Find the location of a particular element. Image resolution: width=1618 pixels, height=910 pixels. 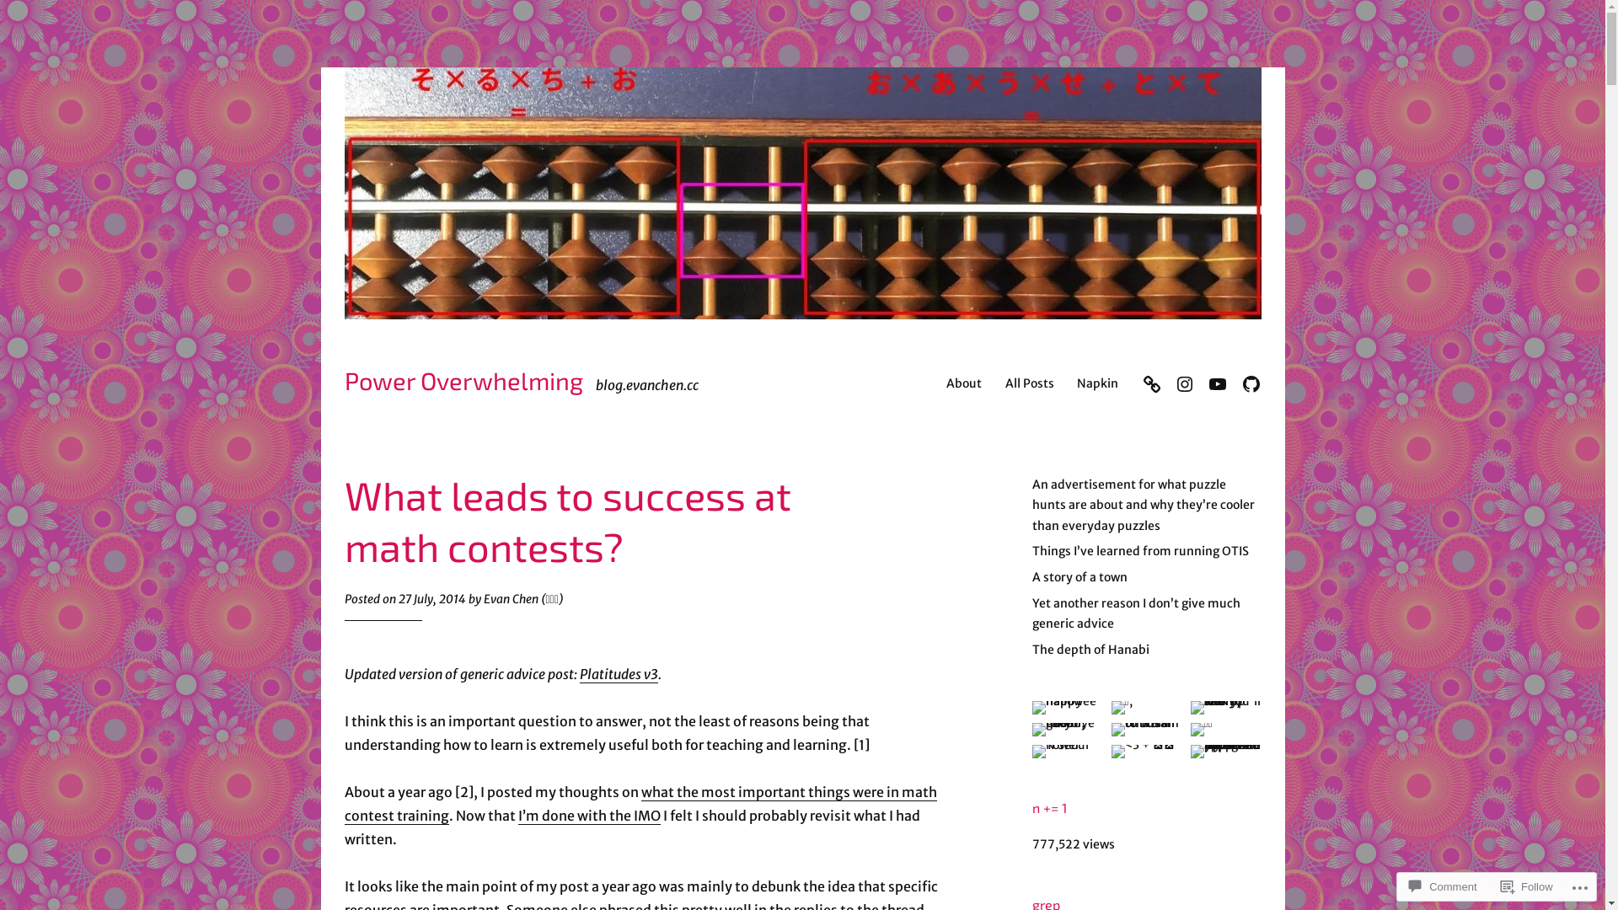

'Search' is located at coordinates (21, 14).